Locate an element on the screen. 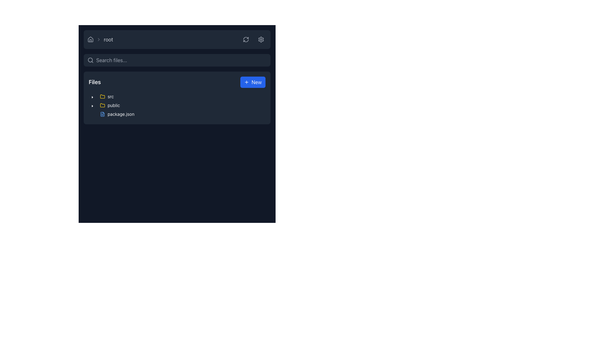 The image size is (604, 339). the refresh button located in the top-right section of the interface is located at coordinates (246, 40).